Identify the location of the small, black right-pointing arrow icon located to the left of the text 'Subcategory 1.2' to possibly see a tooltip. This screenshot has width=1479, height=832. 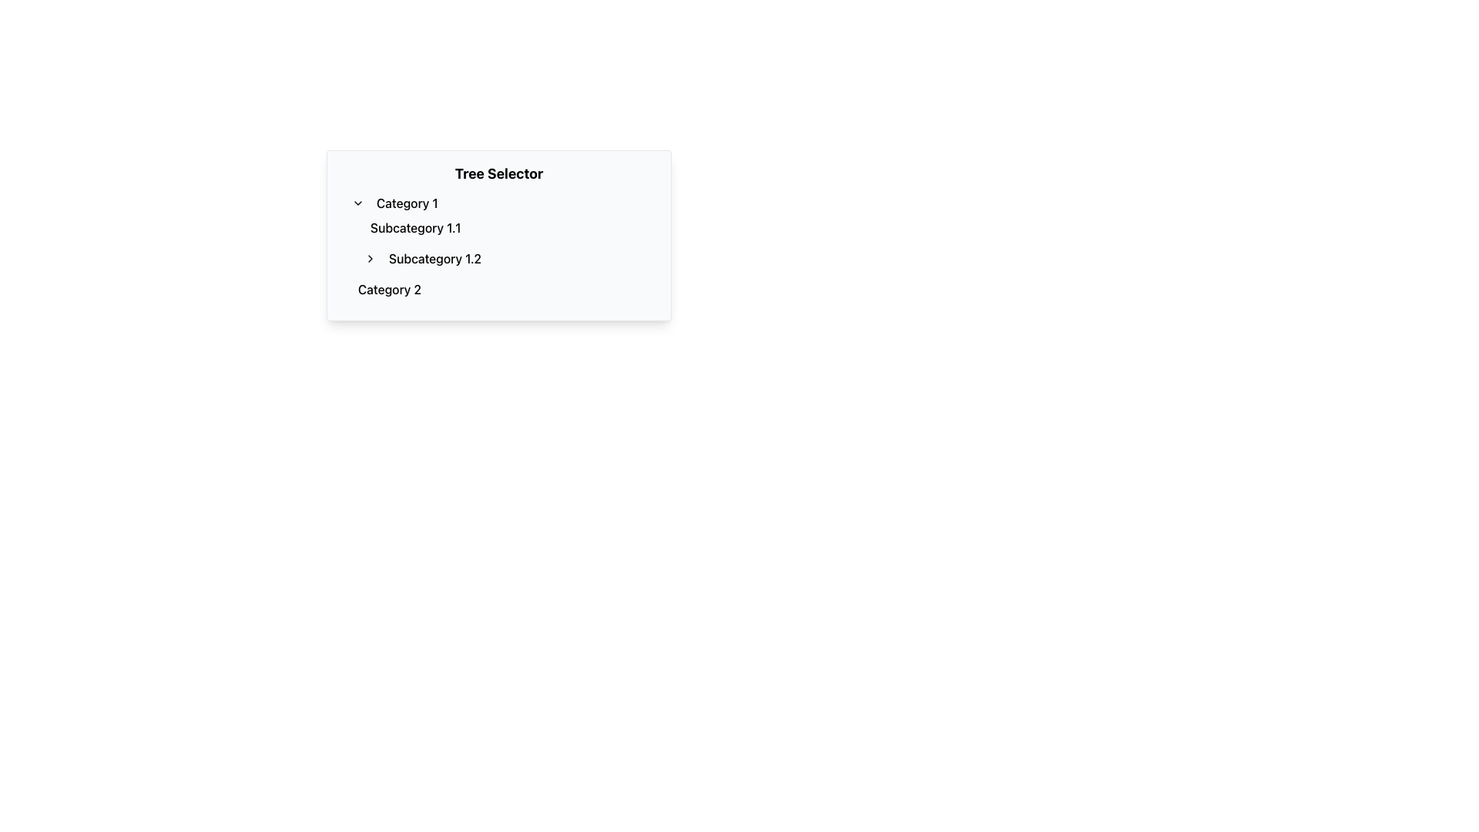
(370, 257).